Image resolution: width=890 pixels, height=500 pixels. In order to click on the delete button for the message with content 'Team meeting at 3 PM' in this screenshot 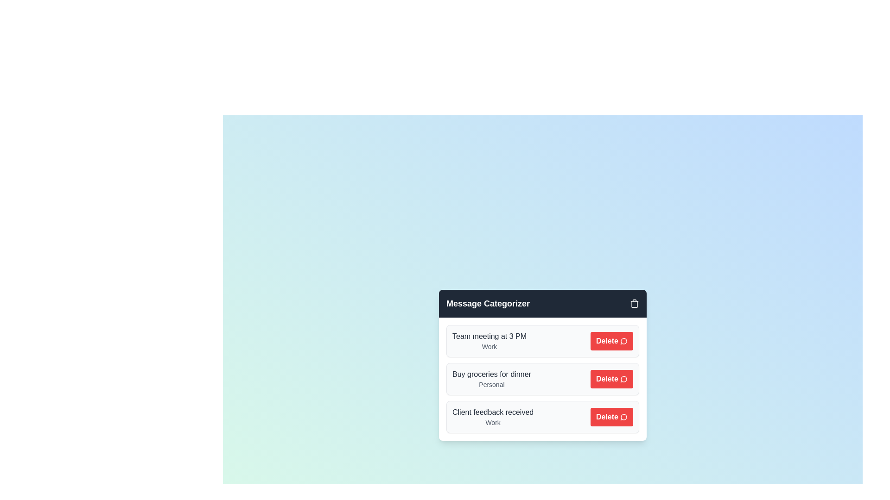, I will do `click(612, 341)`.